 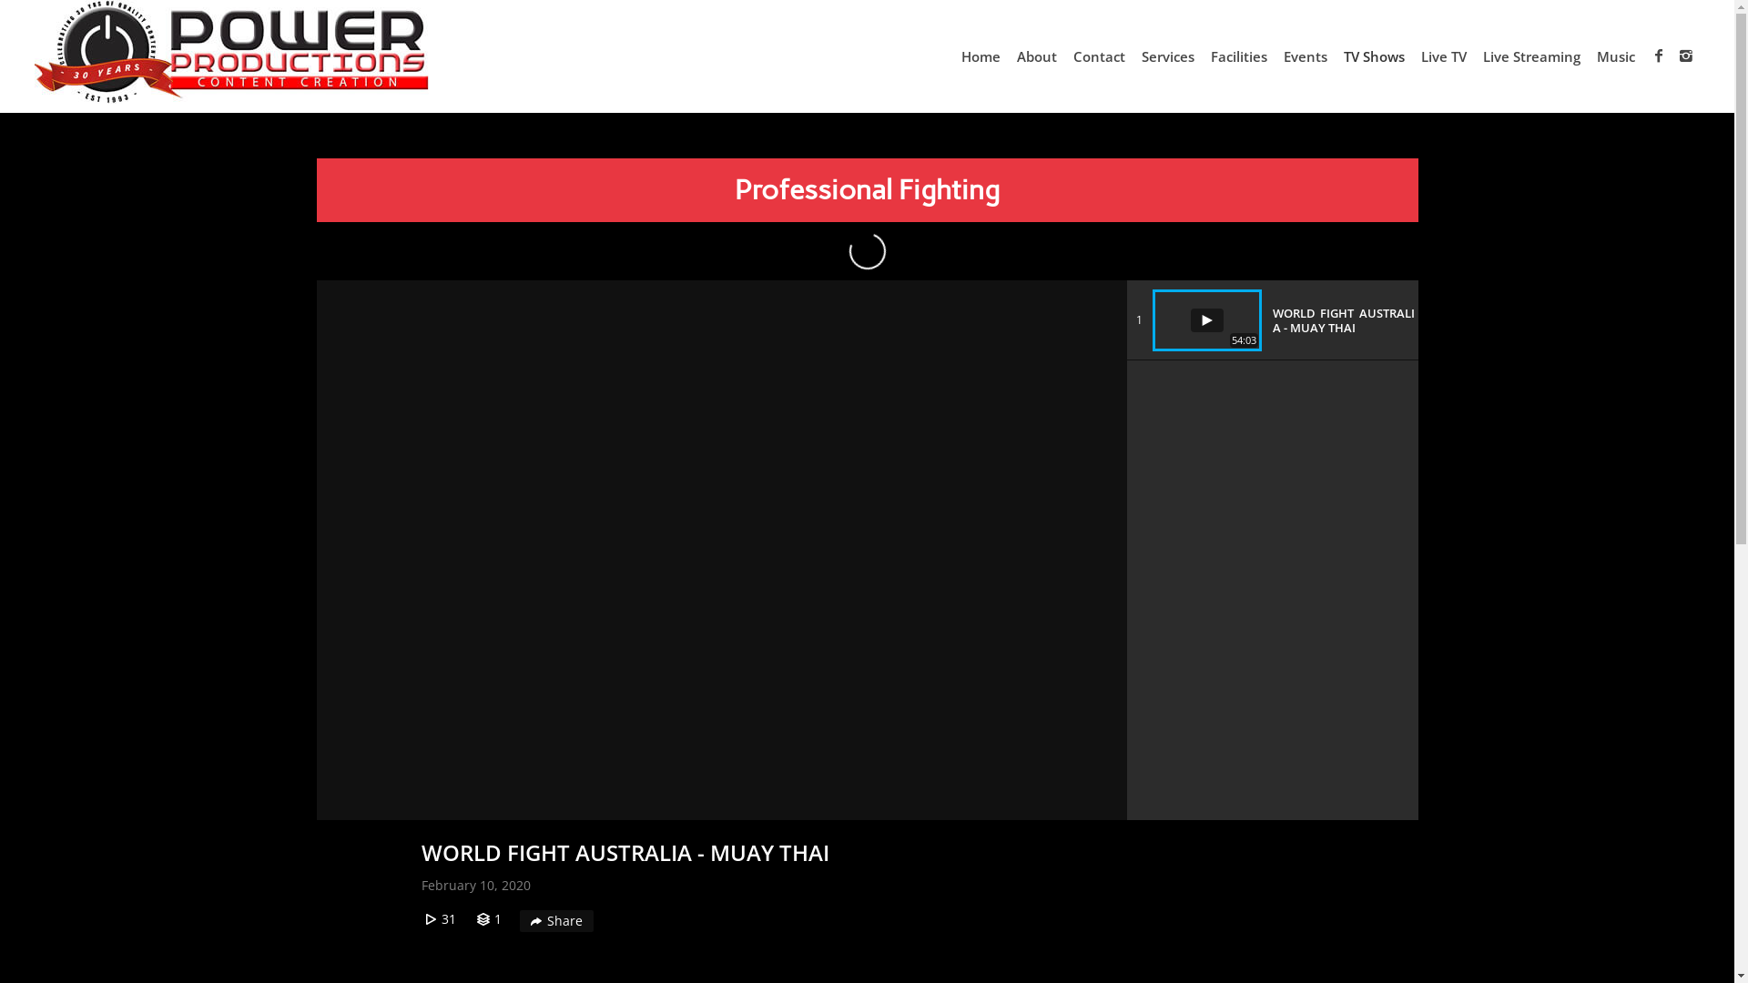 What do you see at coordinates (1475, 55) in the screenshot?
I see `'Live Streaming'` at bounding box center [1475, 55].